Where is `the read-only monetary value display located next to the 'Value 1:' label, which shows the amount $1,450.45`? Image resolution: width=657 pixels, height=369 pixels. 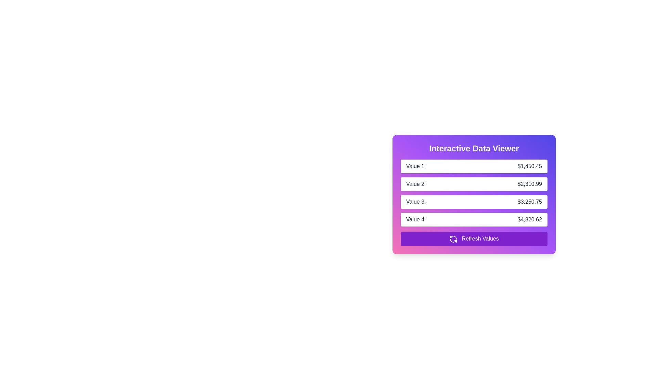
the read-only monetary value display located next to the 'Value 1:' label, which shows the amount $1,450.45 is located at coordinates (529, 166).